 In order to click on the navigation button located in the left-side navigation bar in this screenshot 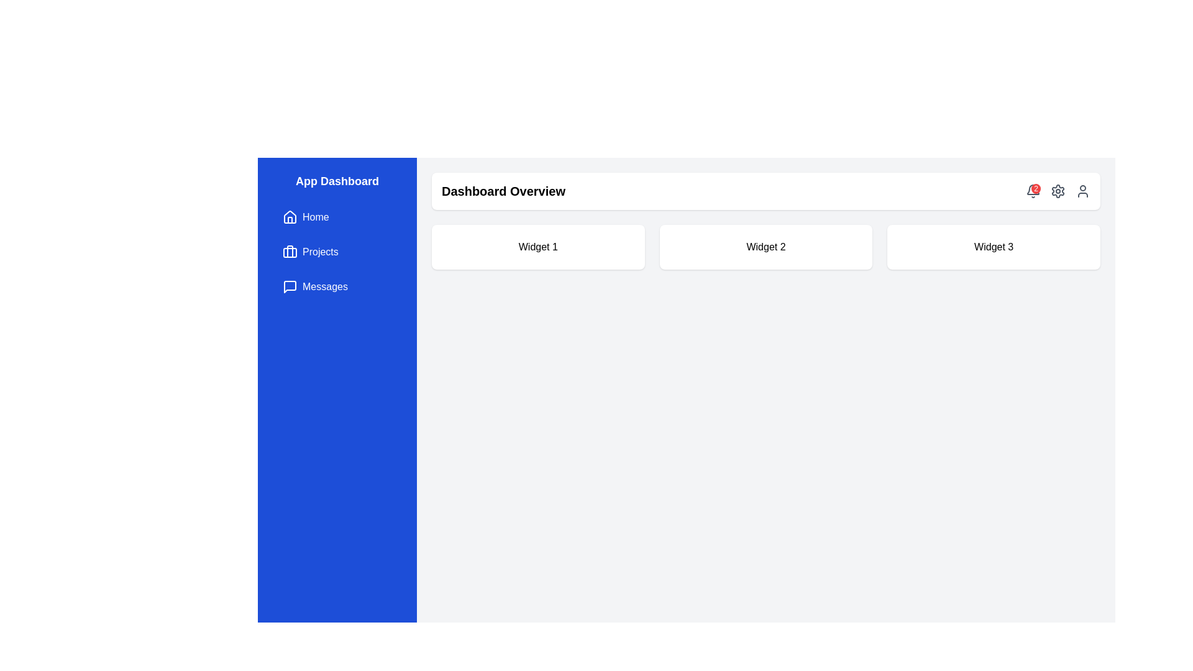, I will do `click(306, 217)`.